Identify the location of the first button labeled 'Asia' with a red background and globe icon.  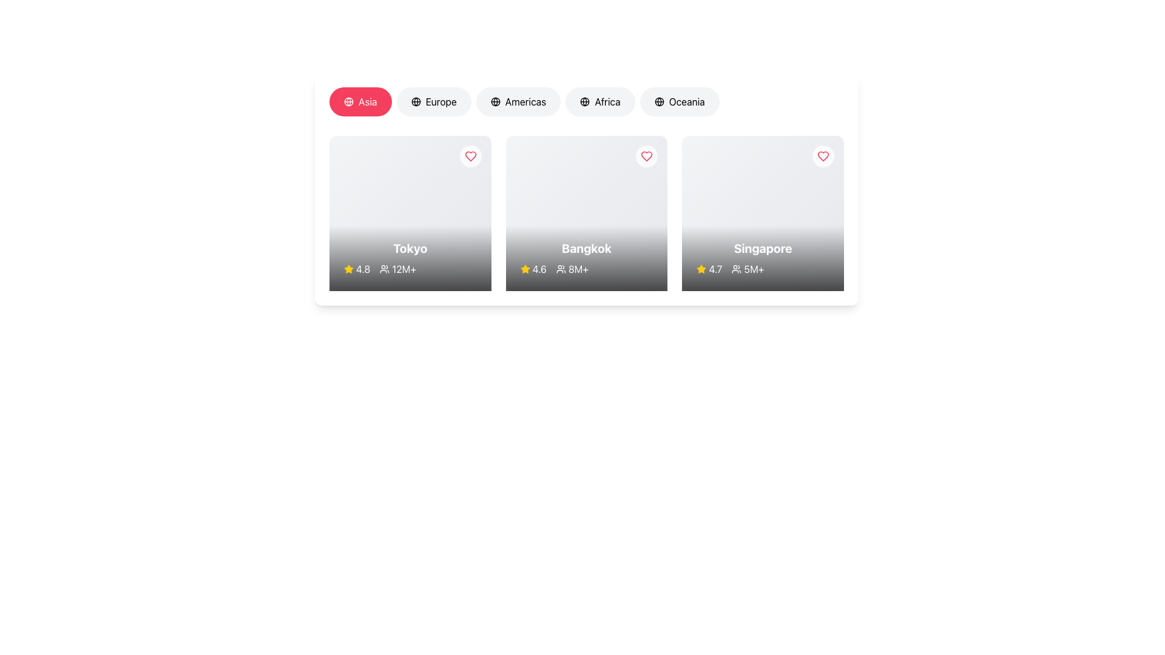
(360, 101).